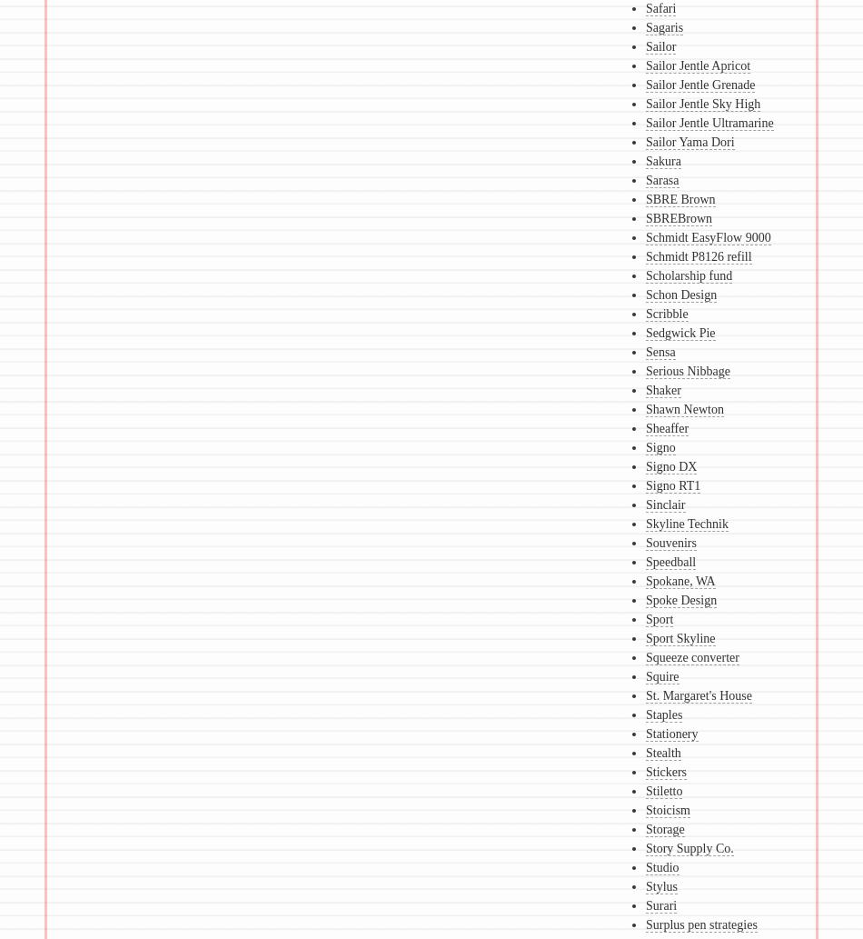 Image resolution: width=863 pixels, height=939 pixels. Describe the element at coordinates (658, 618) in the screenshot. I see `'Sport'` at that location.